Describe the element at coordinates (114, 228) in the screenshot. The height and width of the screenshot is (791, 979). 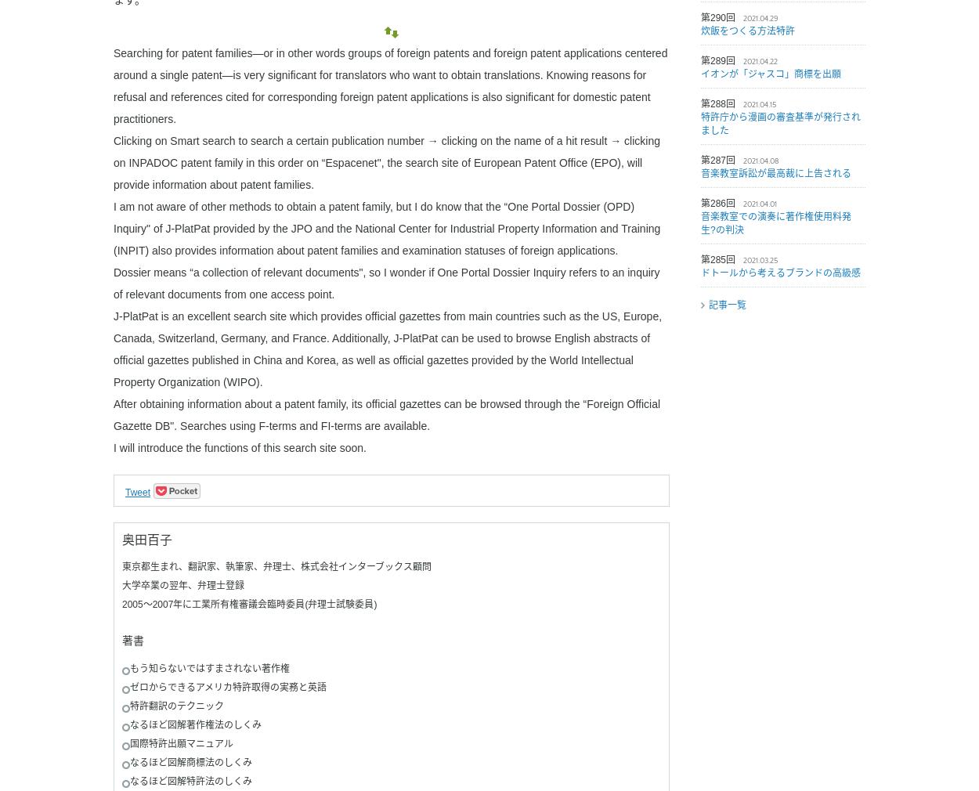
I see `'I am not aware of other methods to obtain a patent family, but I do know that the “One Portal Dossier (OPD) Inquiry" of J-PlatPat provided by the JPO and the National Center for Industrial Property Information and Training (INPIT) also provides information about patent families and examination statuses of foreign applications.'` at that location.